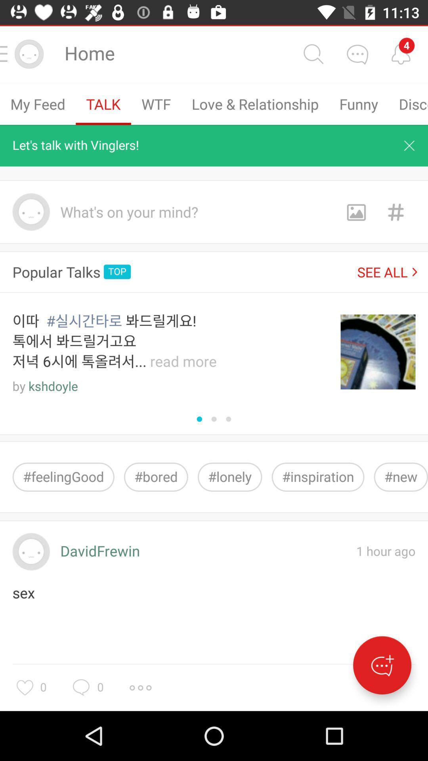 Image resolution: width=428 pixels, height=761 pixels. What do you see at coordinates (396, 212) in the screenshot?
I see `key word` at bounding box center [396, 212].